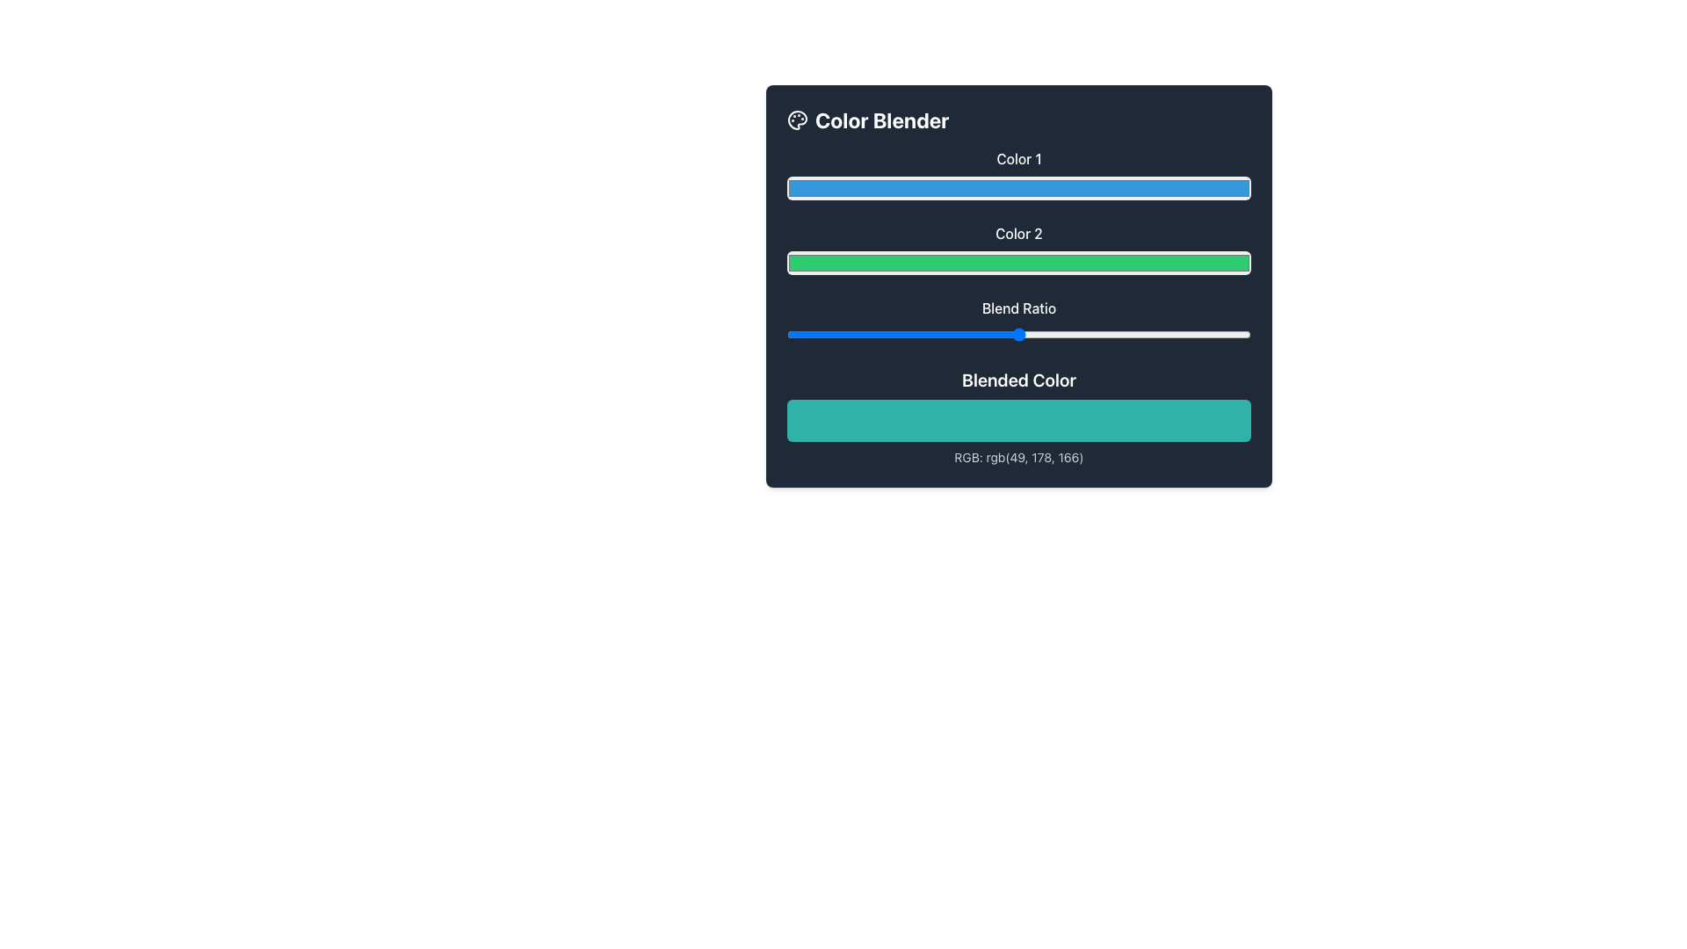 The height and width of the screenshot is (949, 1687). What do you see at coordinates (861, 335) in the screenshot?
I see `the Blend Ratio slider` at bounding box center [861, 335].